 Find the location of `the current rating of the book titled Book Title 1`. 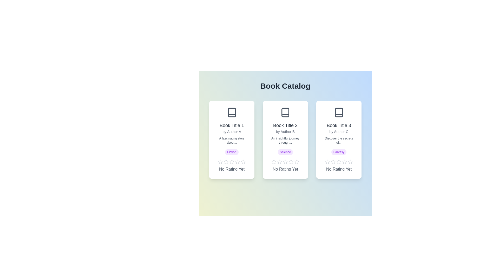

the current rating of the book titled Book Title 1 is located at coordinates (232, 169).